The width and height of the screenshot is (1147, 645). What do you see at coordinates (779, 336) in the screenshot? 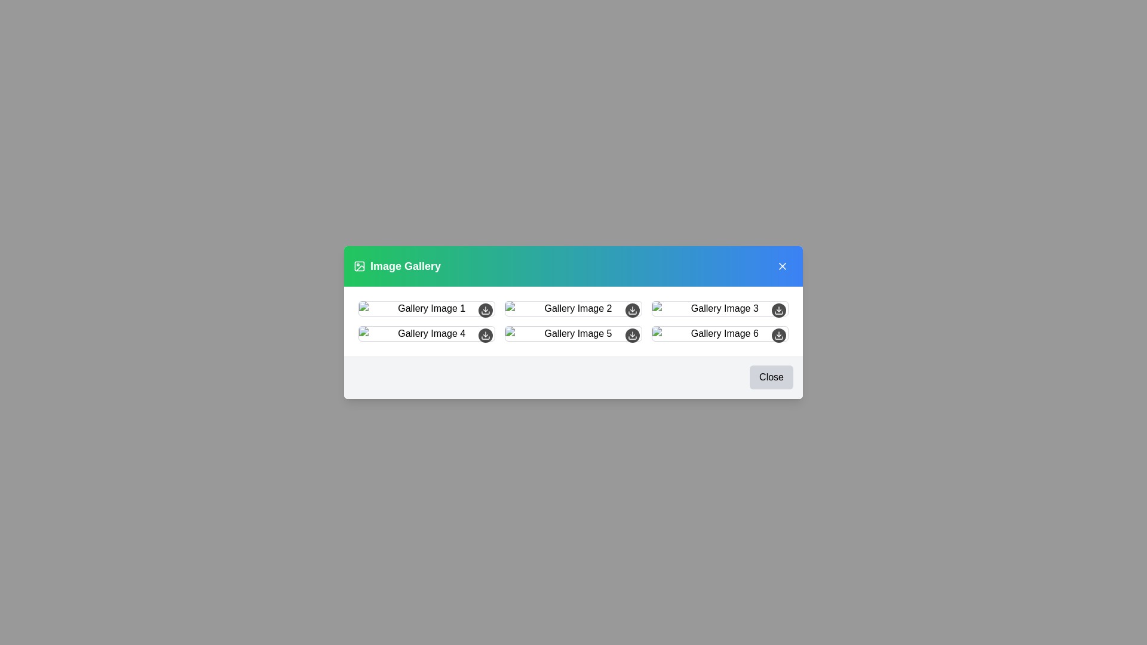
I see `the download button for image 6` at bounding box center [779, 336].